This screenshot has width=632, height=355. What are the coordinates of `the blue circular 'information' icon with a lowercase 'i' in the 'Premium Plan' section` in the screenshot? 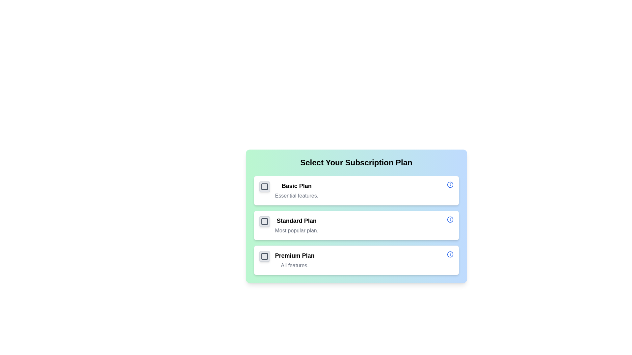 It's located at (450, 254).